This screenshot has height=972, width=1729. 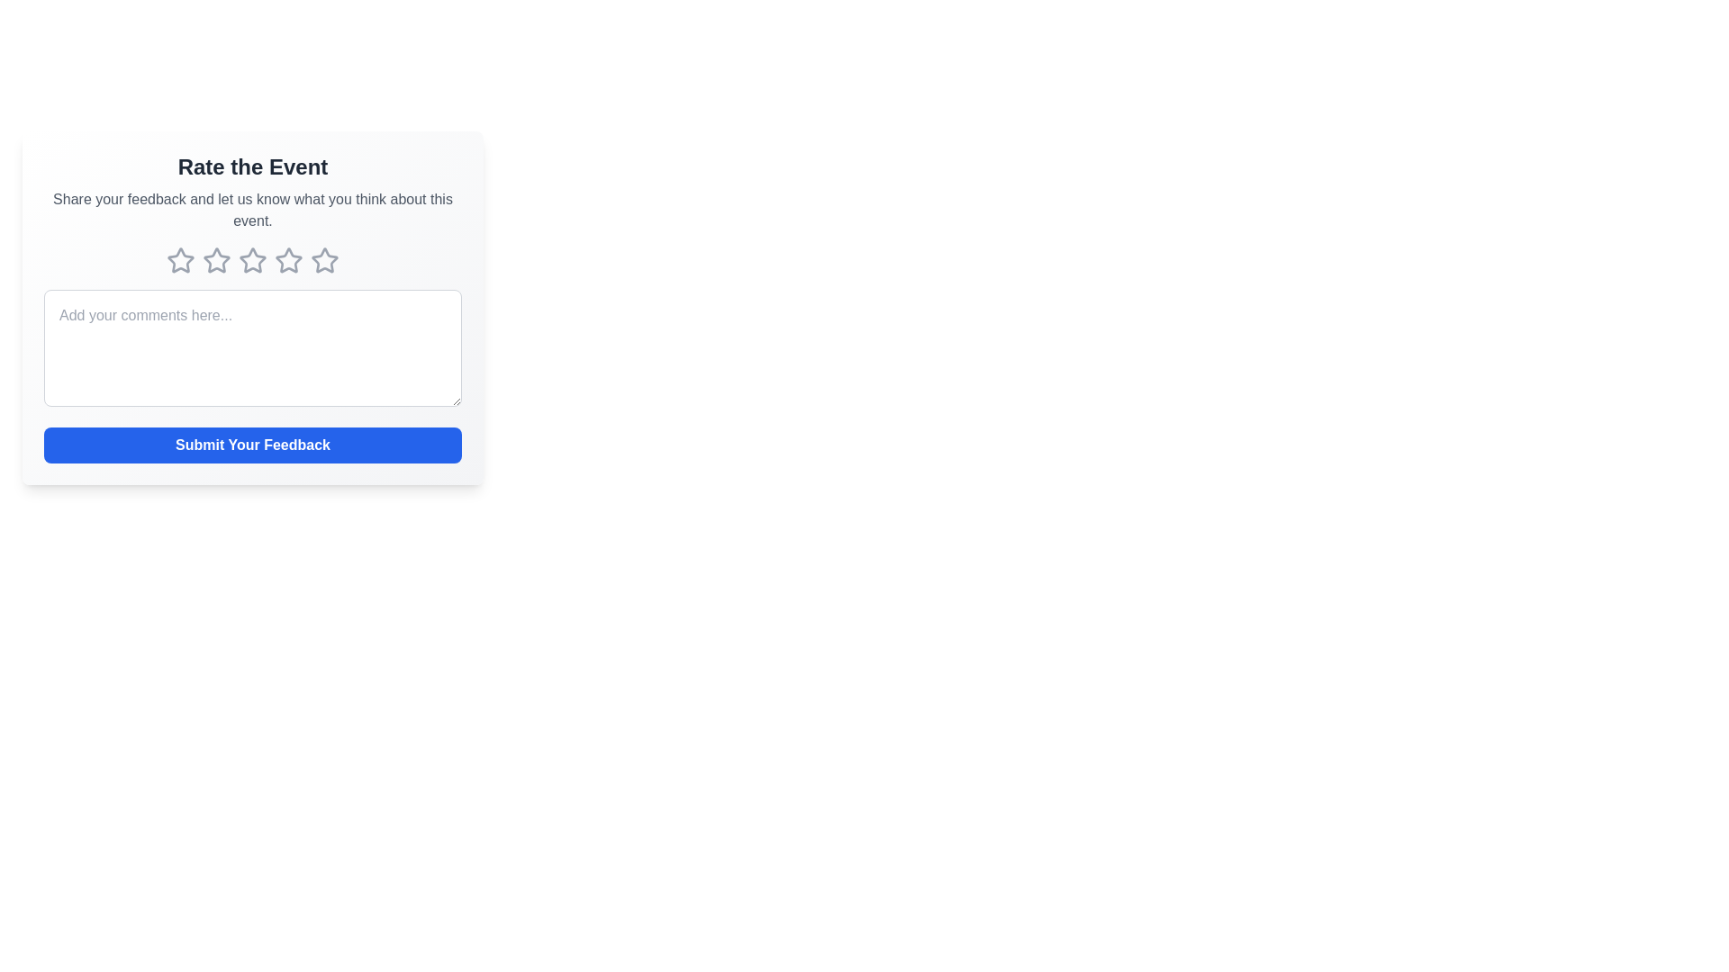 What do you see at coordinates (252, 445) in the screenshot?
I see `the wide blue button labeled 'Submit Your Feedback' at the bottom center of the feedback form` at bounding box center [252, 445].